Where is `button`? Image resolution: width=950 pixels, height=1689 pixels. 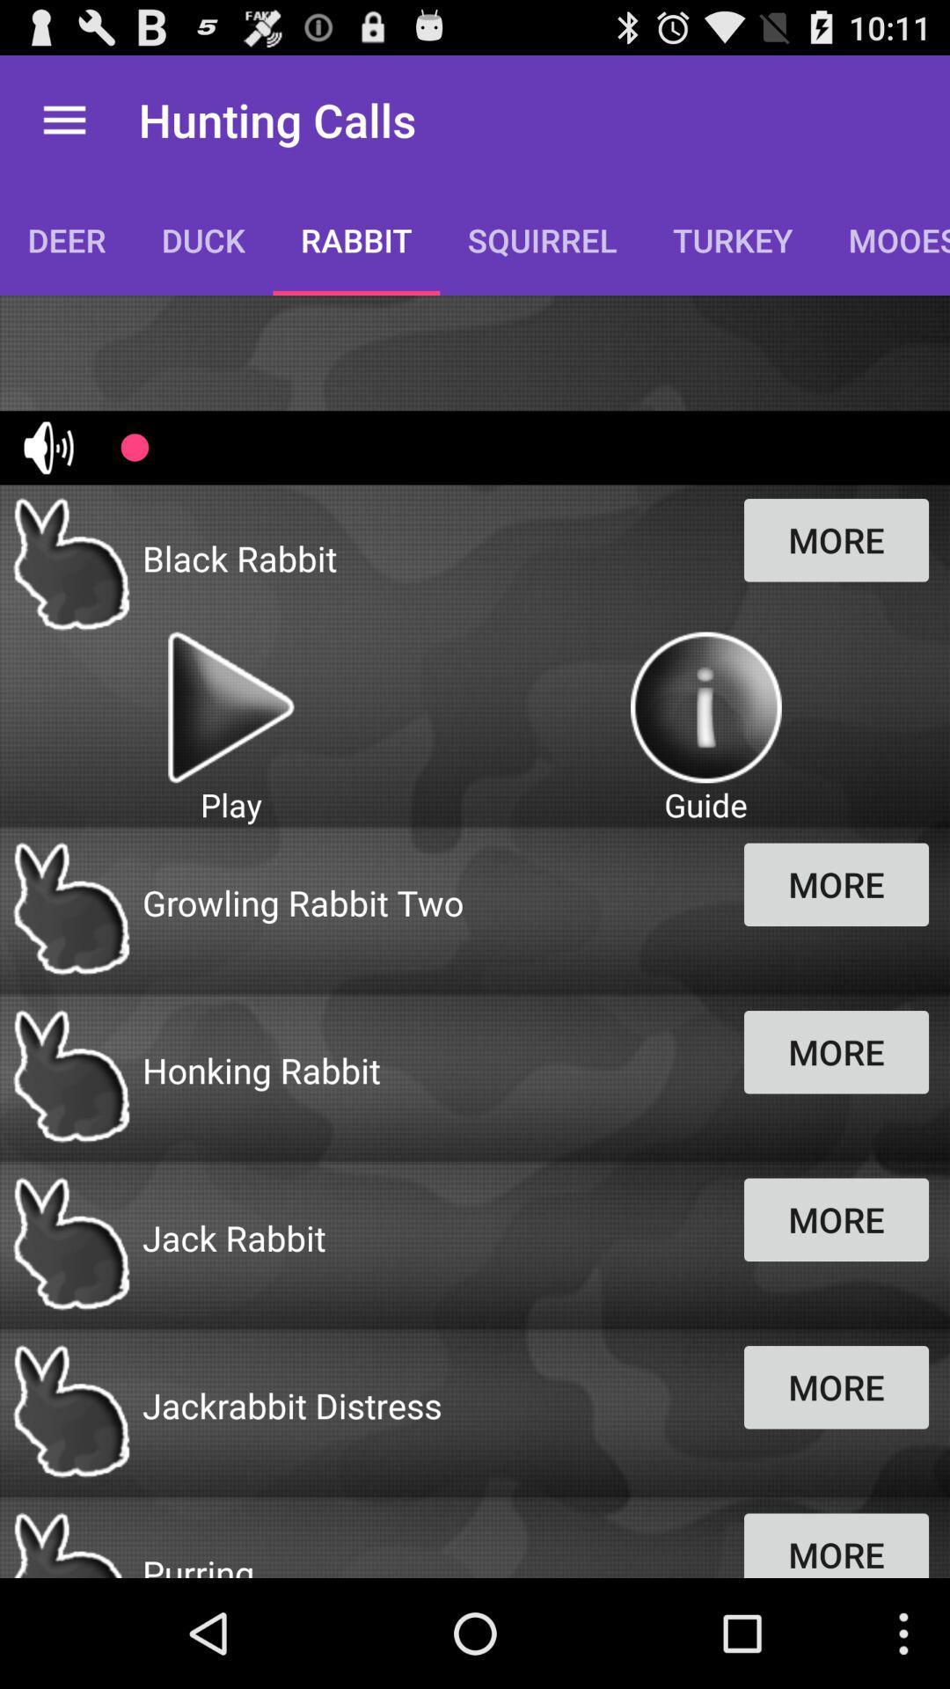 button is located at coordinates (230, 707).